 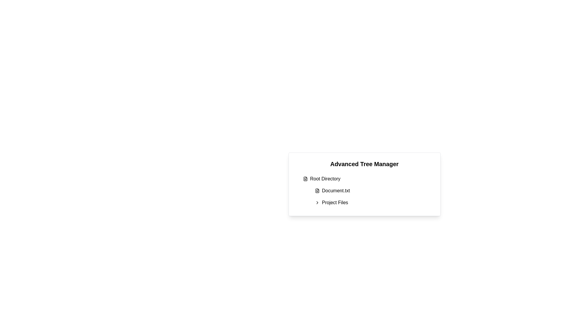 What do you see at coordinates (317, 202) in the screenshot?
I see `the right-facing chevron icon within the 'Project Files' section, which is styled with a dark stroke on a white background` at bounding box center [317, 202].